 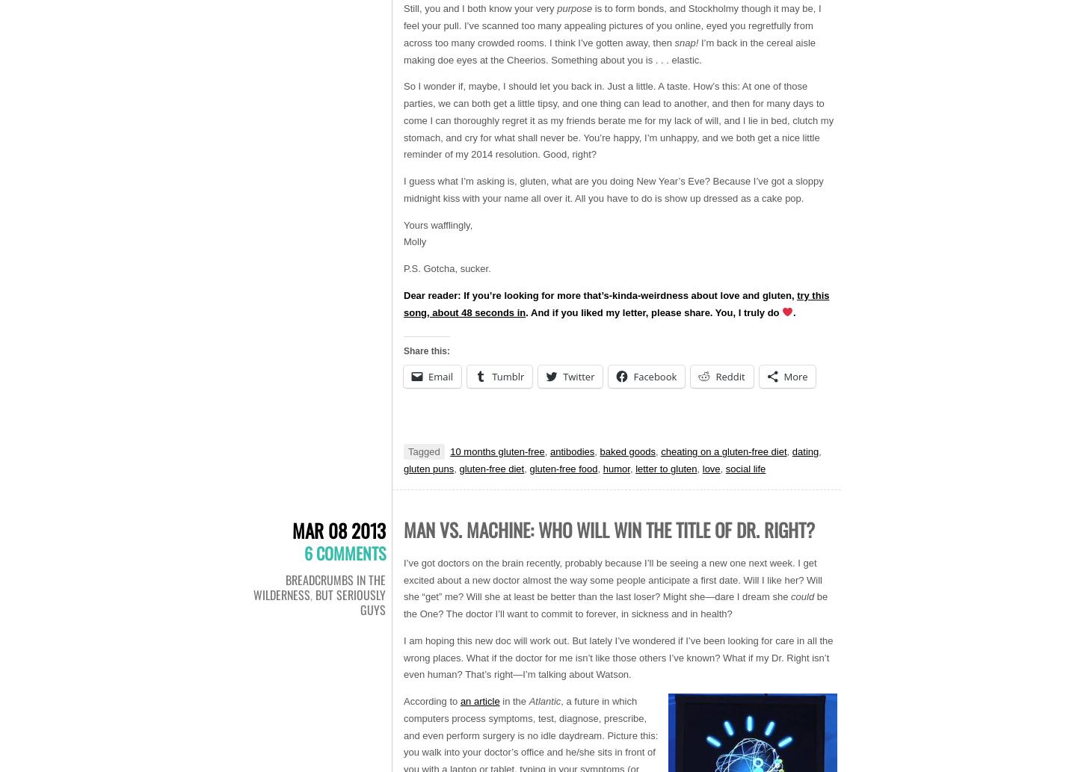 What do you see at coordinates (544, 700) in the screenshot?
I see `'Atlantic'` at bounding box center [544, 700].